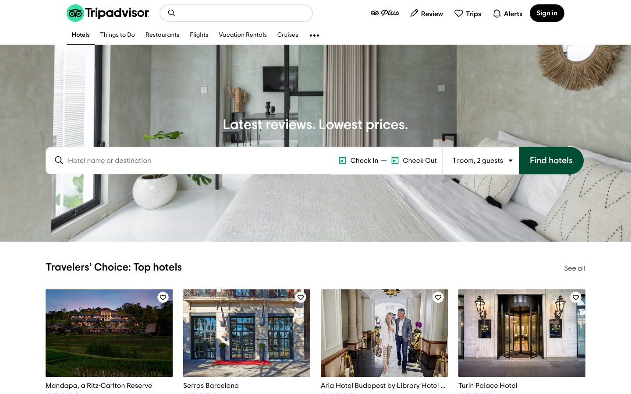 The height and width of the screenshot is (394, 631). Describe the element at coordinates (468, 12) in the screenshot. I see `your saved travel plan list` at that location.